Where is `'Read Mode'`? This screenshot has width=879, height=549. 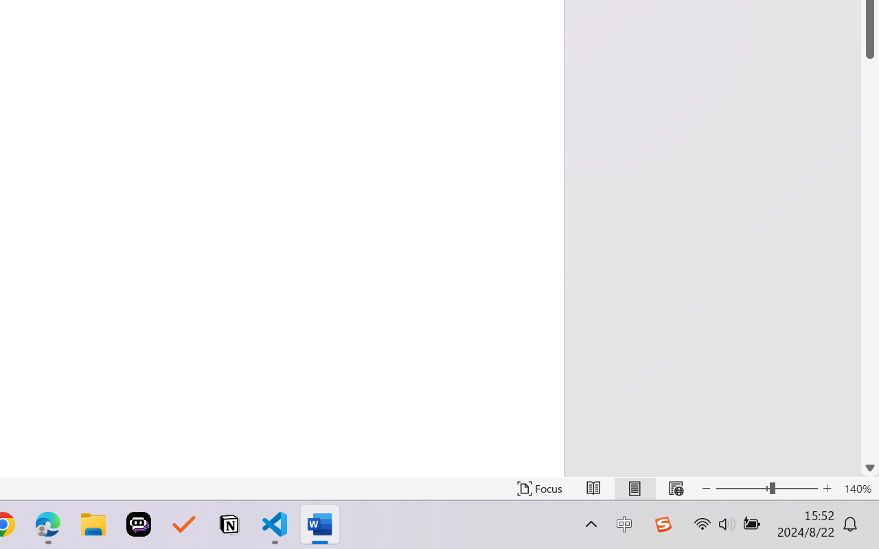 'Read Mode' is located at coordinates (593, 488).